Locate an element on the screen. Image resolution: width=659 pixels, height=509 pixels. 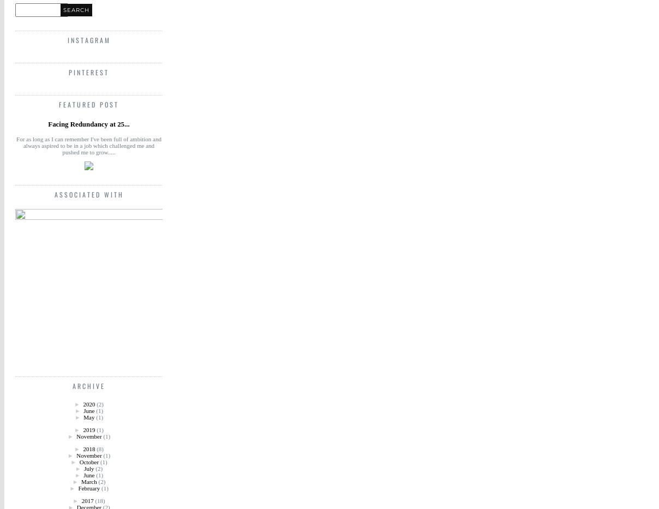
'2018' is located at coordinates (88, 448).